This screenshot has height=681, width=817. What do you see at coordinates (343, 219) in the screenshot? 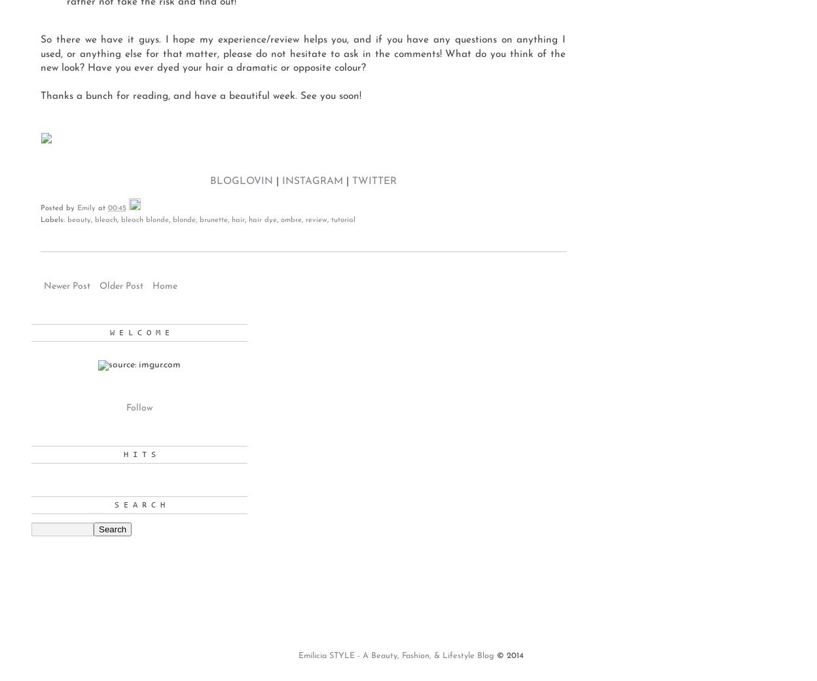
I see `'tutorial'` at bounding box center [343, 219].